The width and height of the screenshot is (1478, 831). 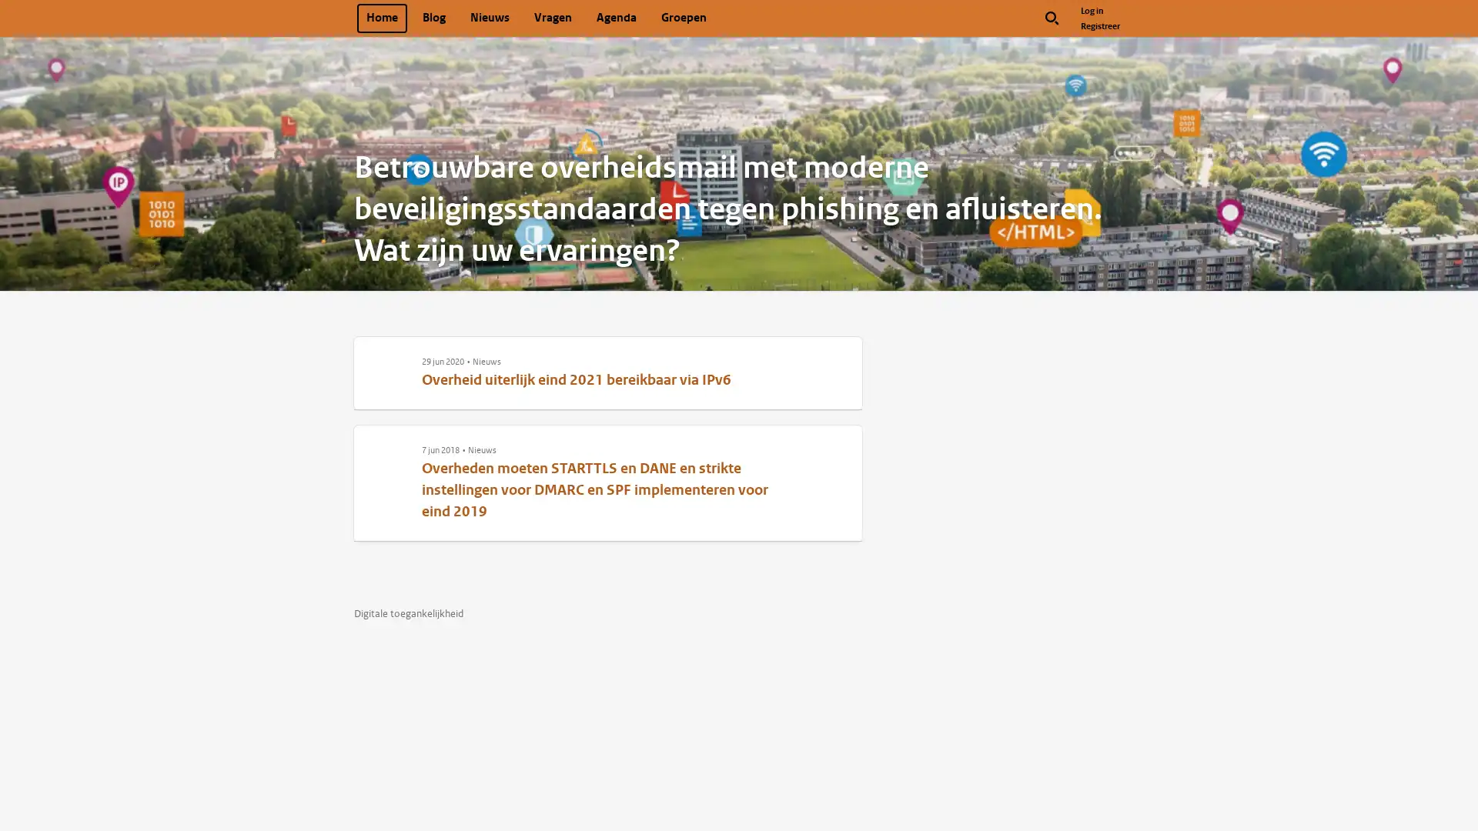 What do you see at coordinates (1052, 18) in the screenshot?
I see `Zoek` at bounding box center [1052, 18].